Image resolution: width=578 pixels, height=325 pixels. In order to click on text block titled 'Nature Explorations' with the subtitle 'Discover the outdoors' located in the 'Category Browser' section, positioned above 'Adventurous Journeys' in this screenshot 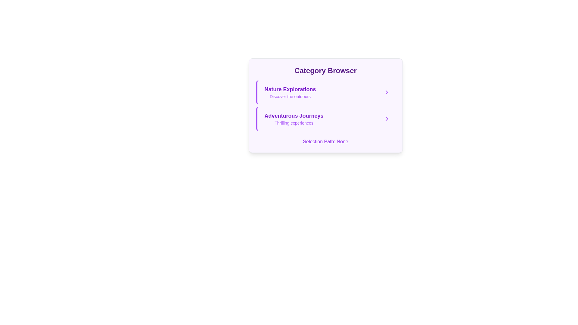, I will do `click(290, 92)`.